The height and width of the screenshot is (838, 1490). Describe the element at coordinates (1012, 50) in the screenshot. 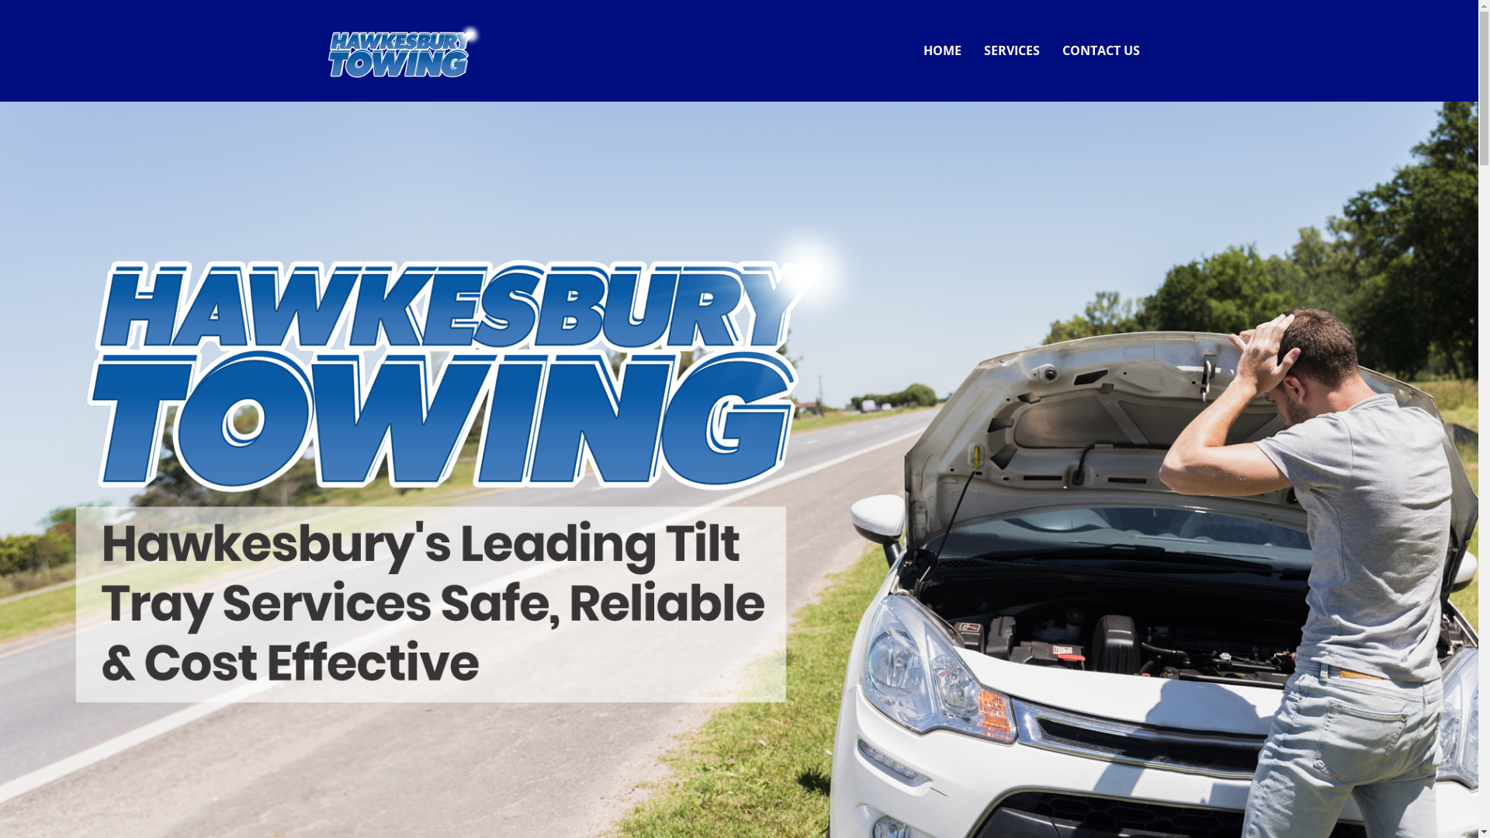

I see `'SERVICES'` at that location.